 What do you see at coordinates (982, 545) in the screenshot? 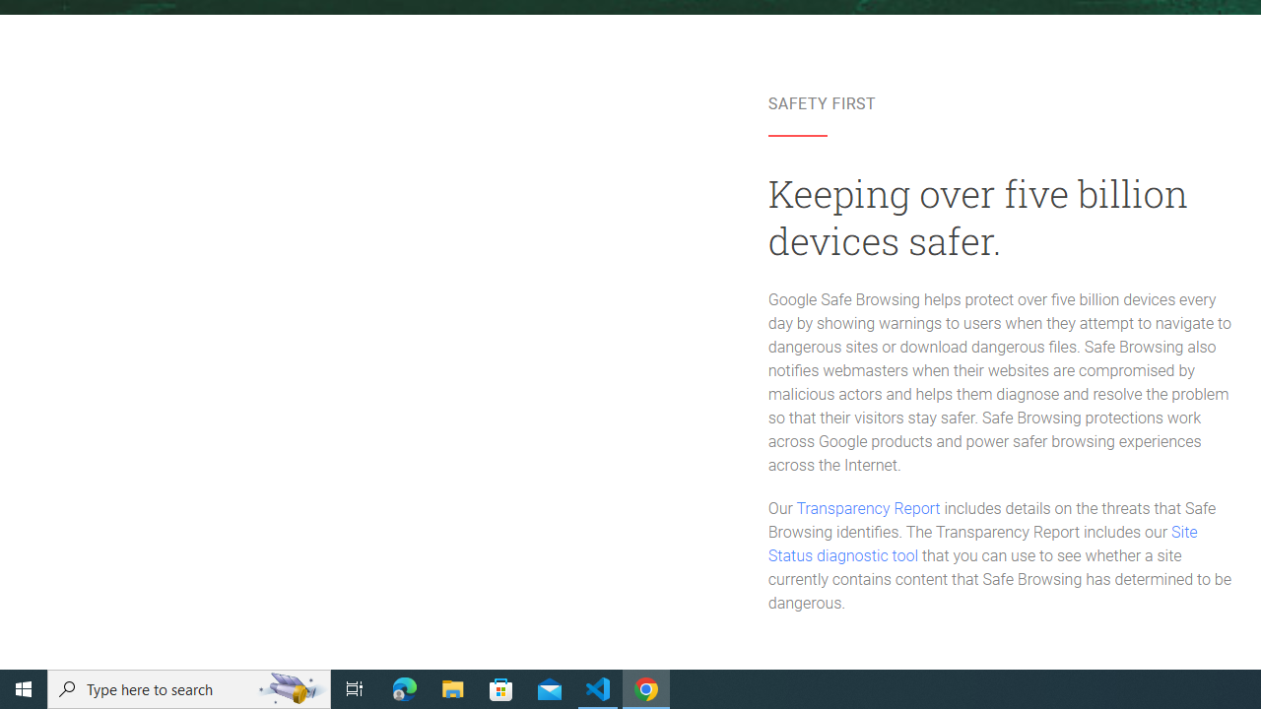
I see `'Site Status diagnostic tool'` at bounding box center [982, 545].